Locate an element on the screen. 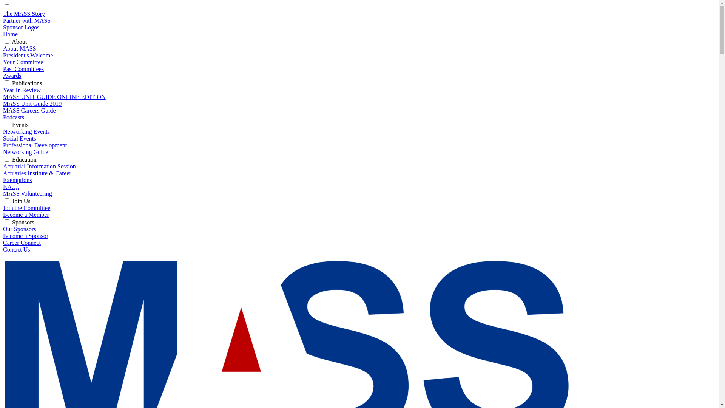 The height and width of the screenshot is (408, 725). 'Podcasts' is located at coordinates (3, 117).